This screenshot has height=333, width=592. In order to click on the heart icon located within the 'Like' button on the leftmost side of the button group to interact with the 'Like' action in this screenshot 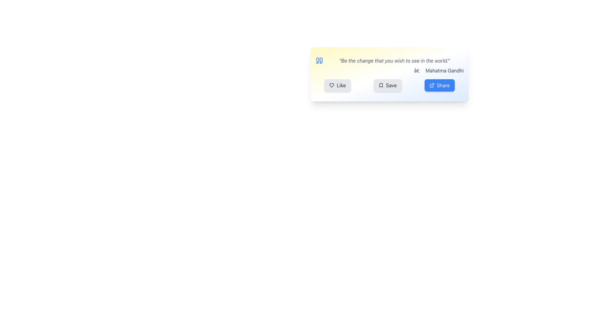, I will do `click(331, 85)`.